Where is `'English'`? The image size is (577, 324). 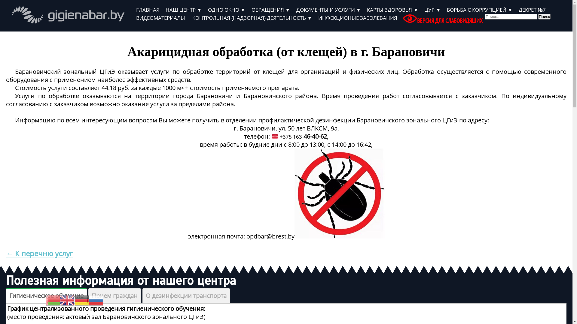
'English' is located at coordinates (67, 300).